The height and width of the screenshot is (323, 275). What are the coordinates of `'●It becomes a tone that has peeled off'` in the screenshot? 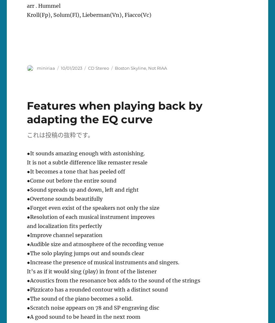 It's located at (76, 171).